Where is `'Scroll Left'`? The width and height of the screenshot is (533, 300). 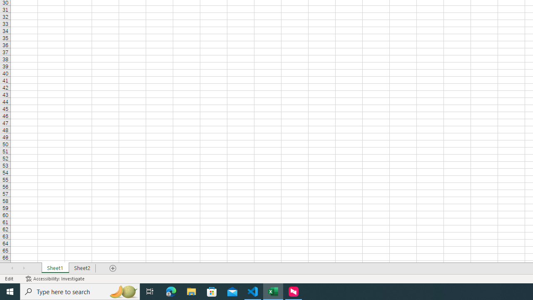
'Scroll Left' is located at coordinates (12, 268).